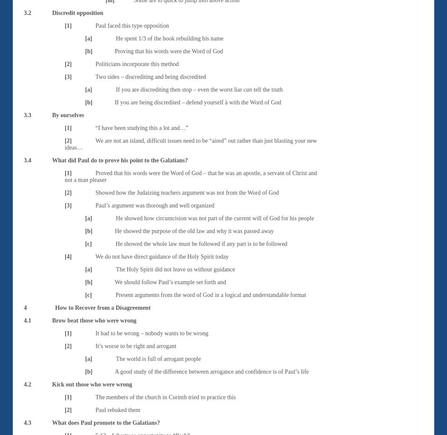 The image size is (447, 435). Describe the element at coordinates (169, 51) in the screenshot. I see `'Proving that his words were the Word of God'` at that location.